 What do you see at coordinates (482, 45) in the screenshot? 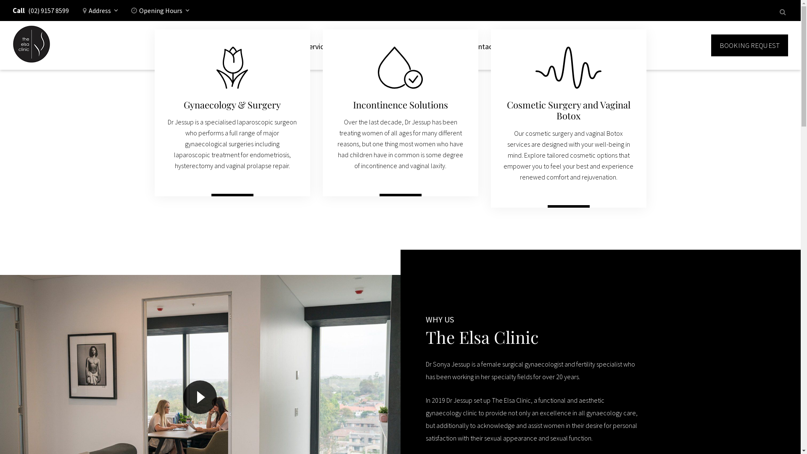
I see `'Contact'` at bounding box center [482, 45].